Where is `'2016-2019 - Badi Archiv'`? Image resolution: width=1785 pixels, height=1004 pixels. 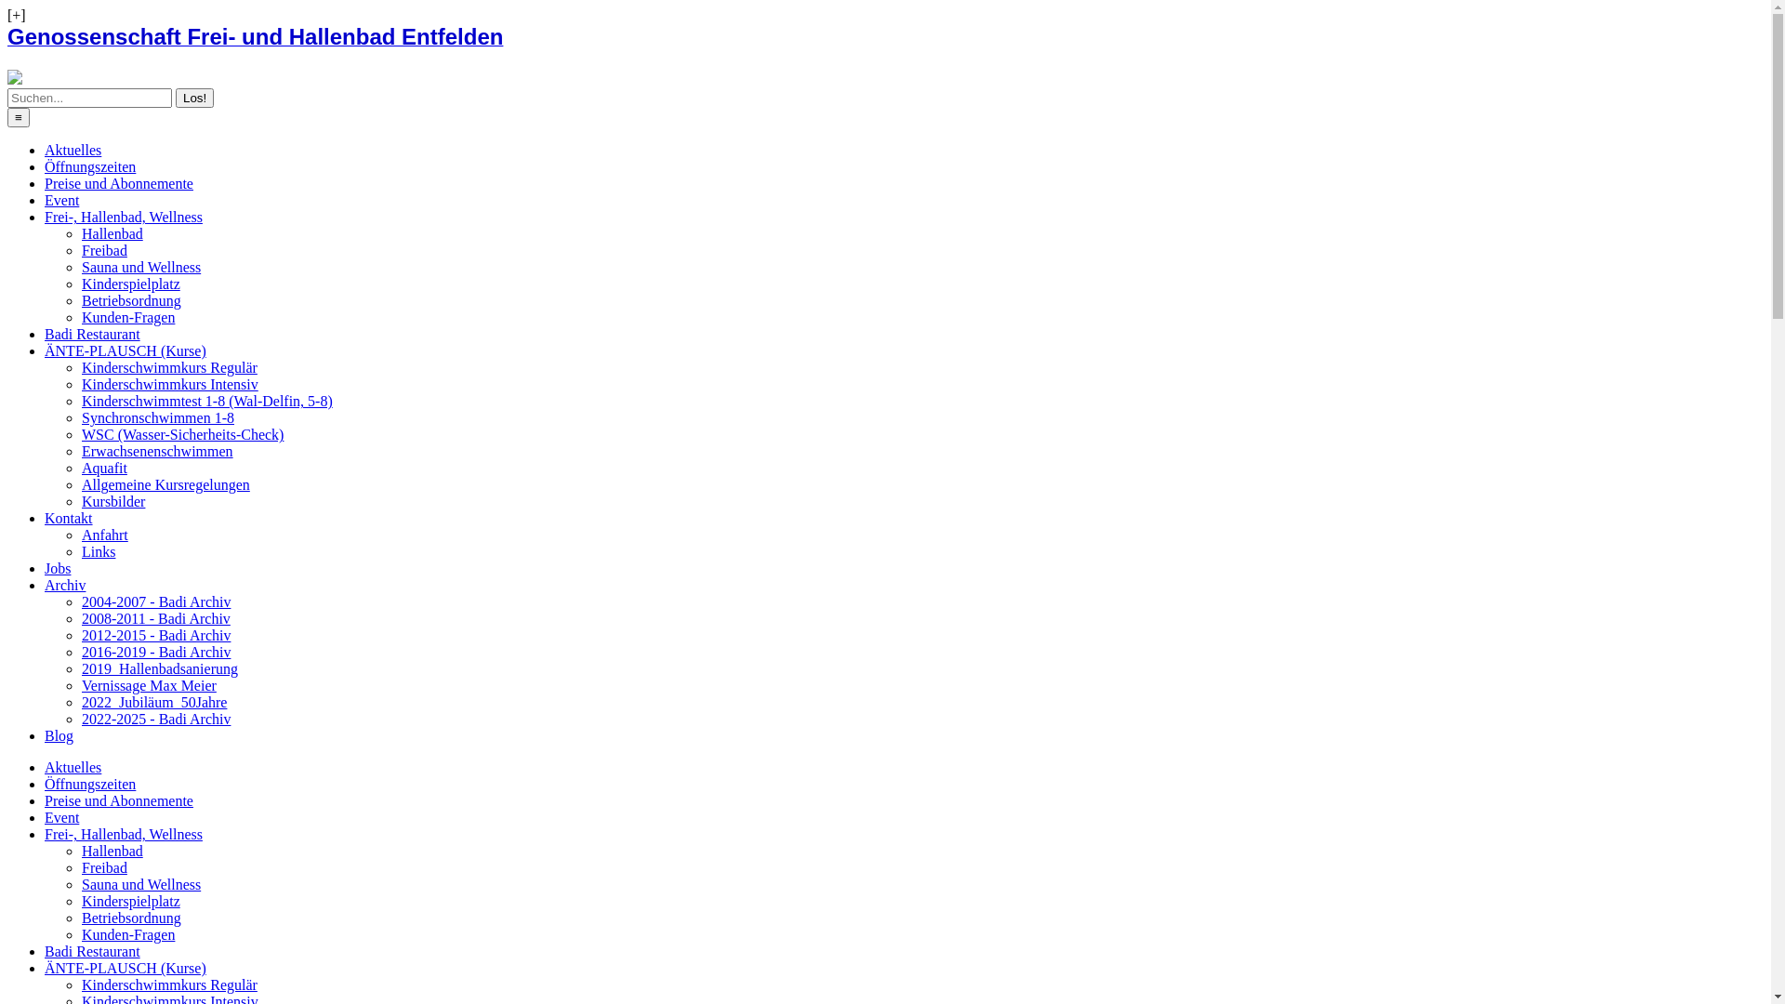
'2016-2019 - Badi Archiv' is located at coordinates (156, 651).